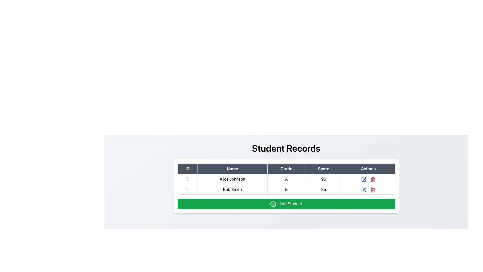 The width and height of the screenshot is (483, 272). Describe the element at coordinates (232, 179) in the screenshot. I see `the text label displaying 'Alice Johnson' in the 'Name' column of the student records table` at that location.